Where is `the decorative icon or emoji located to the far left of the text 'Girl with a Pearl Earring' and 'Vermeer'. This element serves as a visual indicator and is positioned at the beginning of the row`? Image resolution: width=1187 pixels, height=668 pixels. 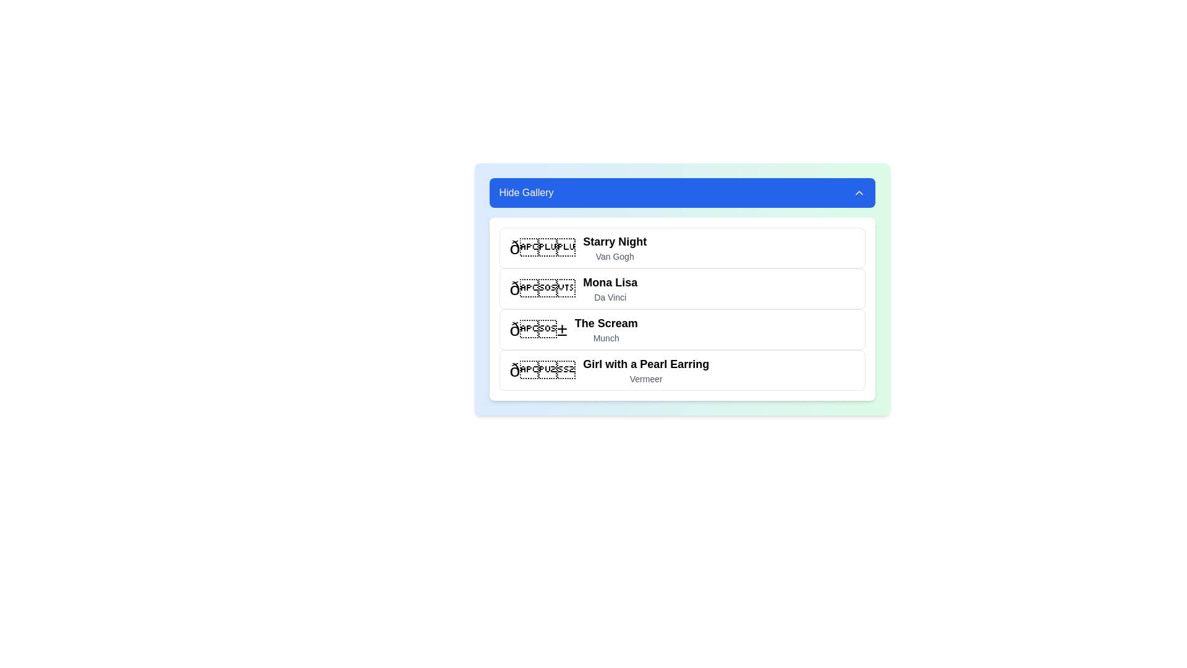 the decorative icon or emoji located to the far left of the text 'Girl with a Pearl Earring' and 'Vermeer'. This element serves as a visual indicator and is positioned at the beginning of the row is located at coordinates (542, 369).